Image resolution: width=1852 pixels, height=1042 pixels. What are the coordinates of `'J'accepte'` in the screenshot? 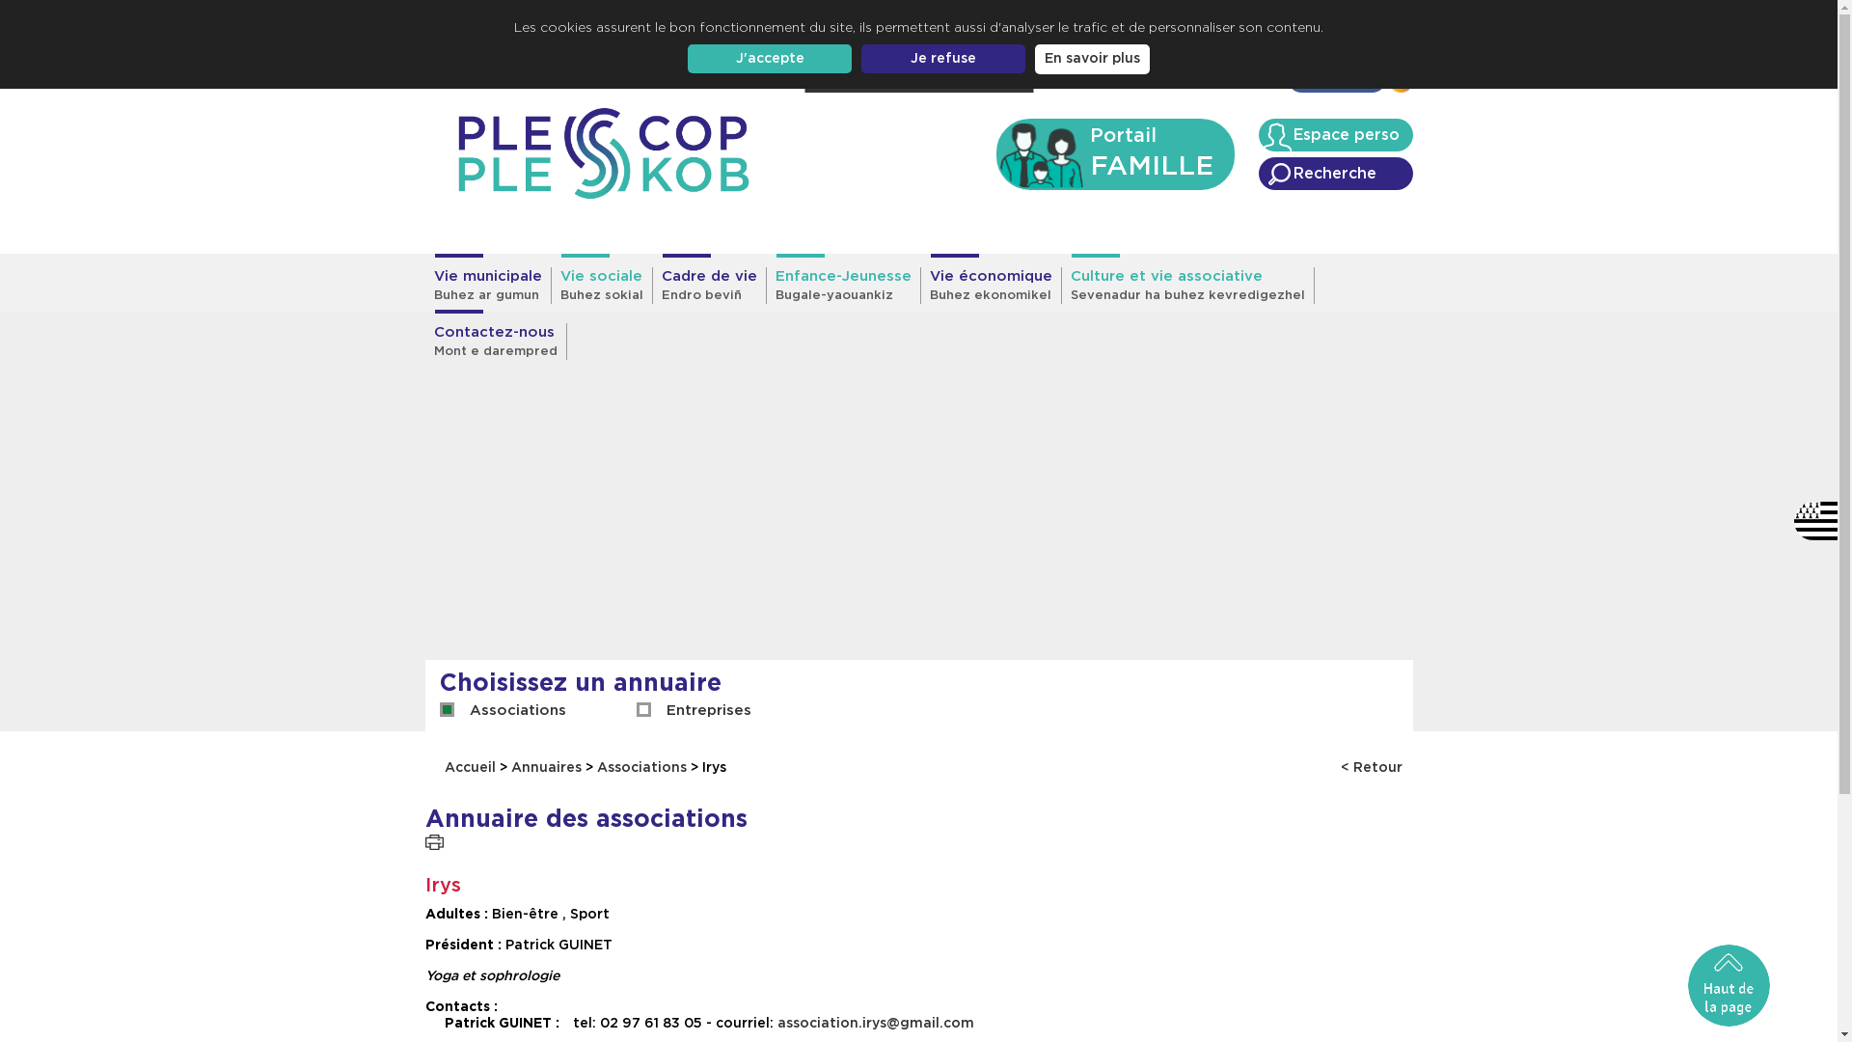 It's located at (768, 58).